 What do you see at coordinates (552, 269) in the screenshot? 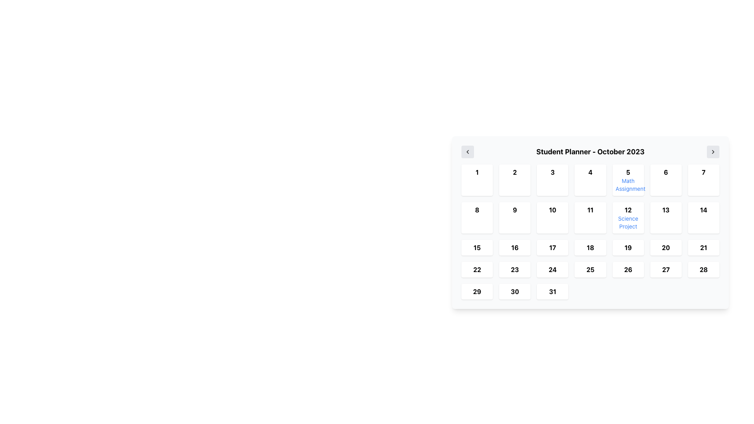
I see `the calendar date button representing the date '24'` at bounding box center [552, 269].